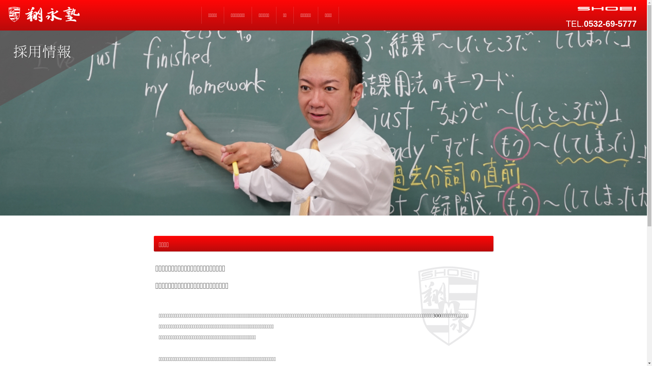 The height and width of the screenshot is (366, 652). I want to click on '0532-69-5777', so click(610, 23).